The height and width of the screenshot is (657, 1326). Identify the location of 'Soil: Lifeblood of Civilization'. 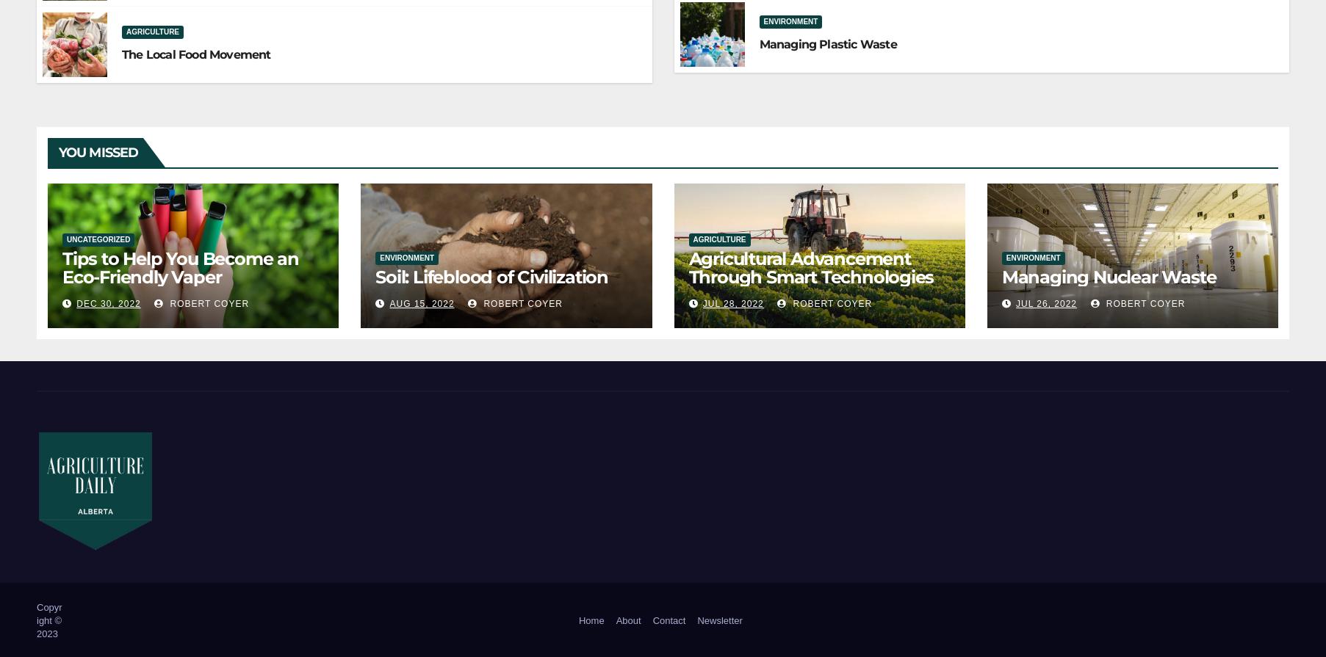
(375, 277).